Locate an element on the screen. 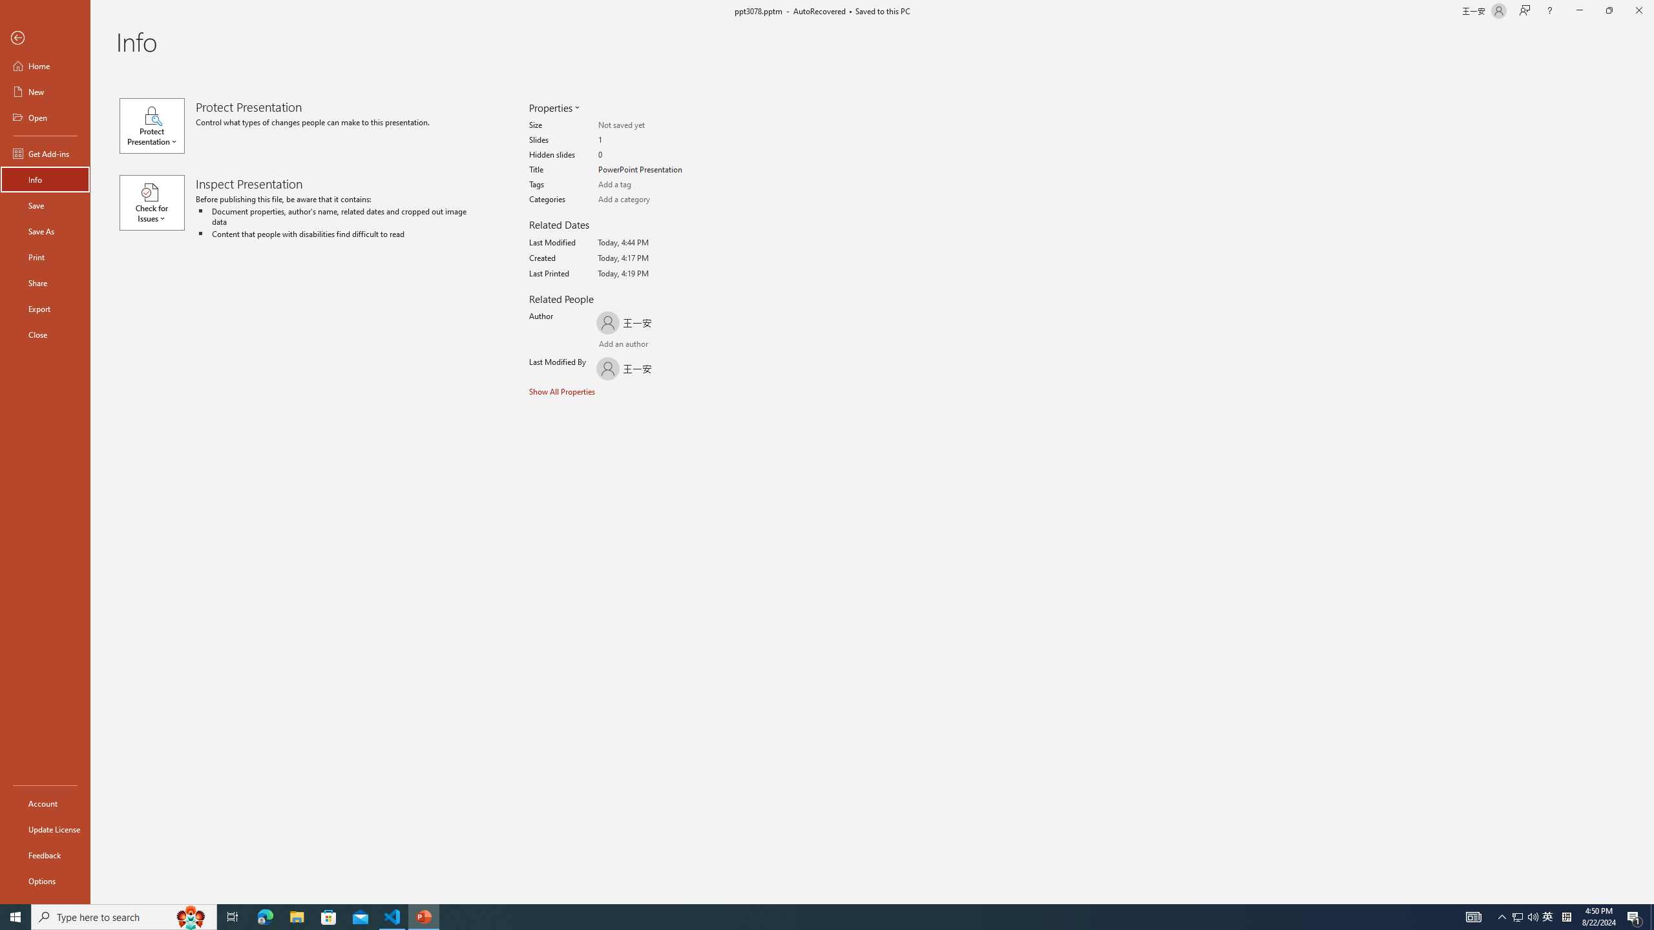  'Save As' is located at coordinates (45, 230).